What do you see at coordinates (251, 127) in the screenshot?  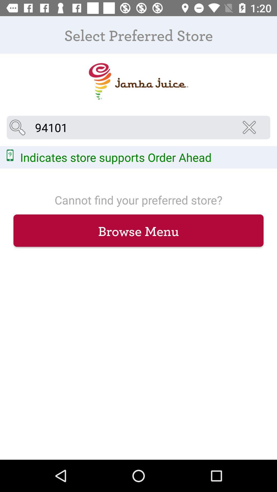 I see `the item above browse menu` at bounding box center [251, 127].